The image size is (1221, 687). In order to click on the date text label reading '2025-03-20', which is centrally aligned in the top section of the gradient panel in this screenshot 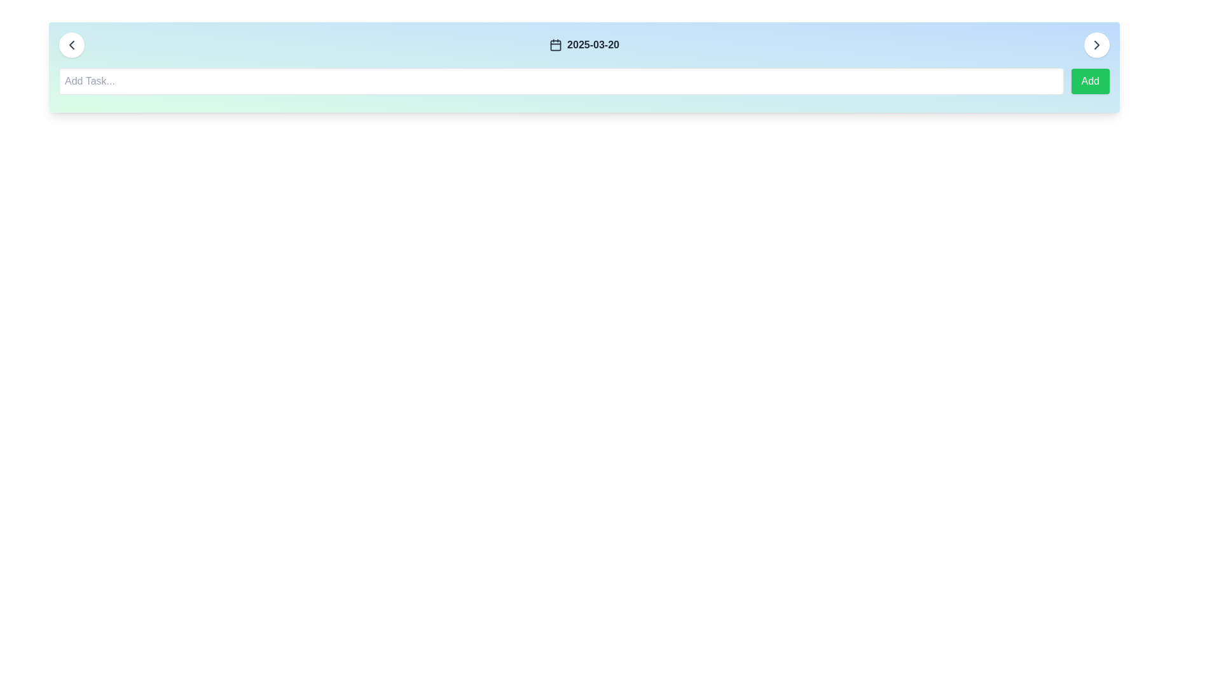, I will do `click(583, 44)`.